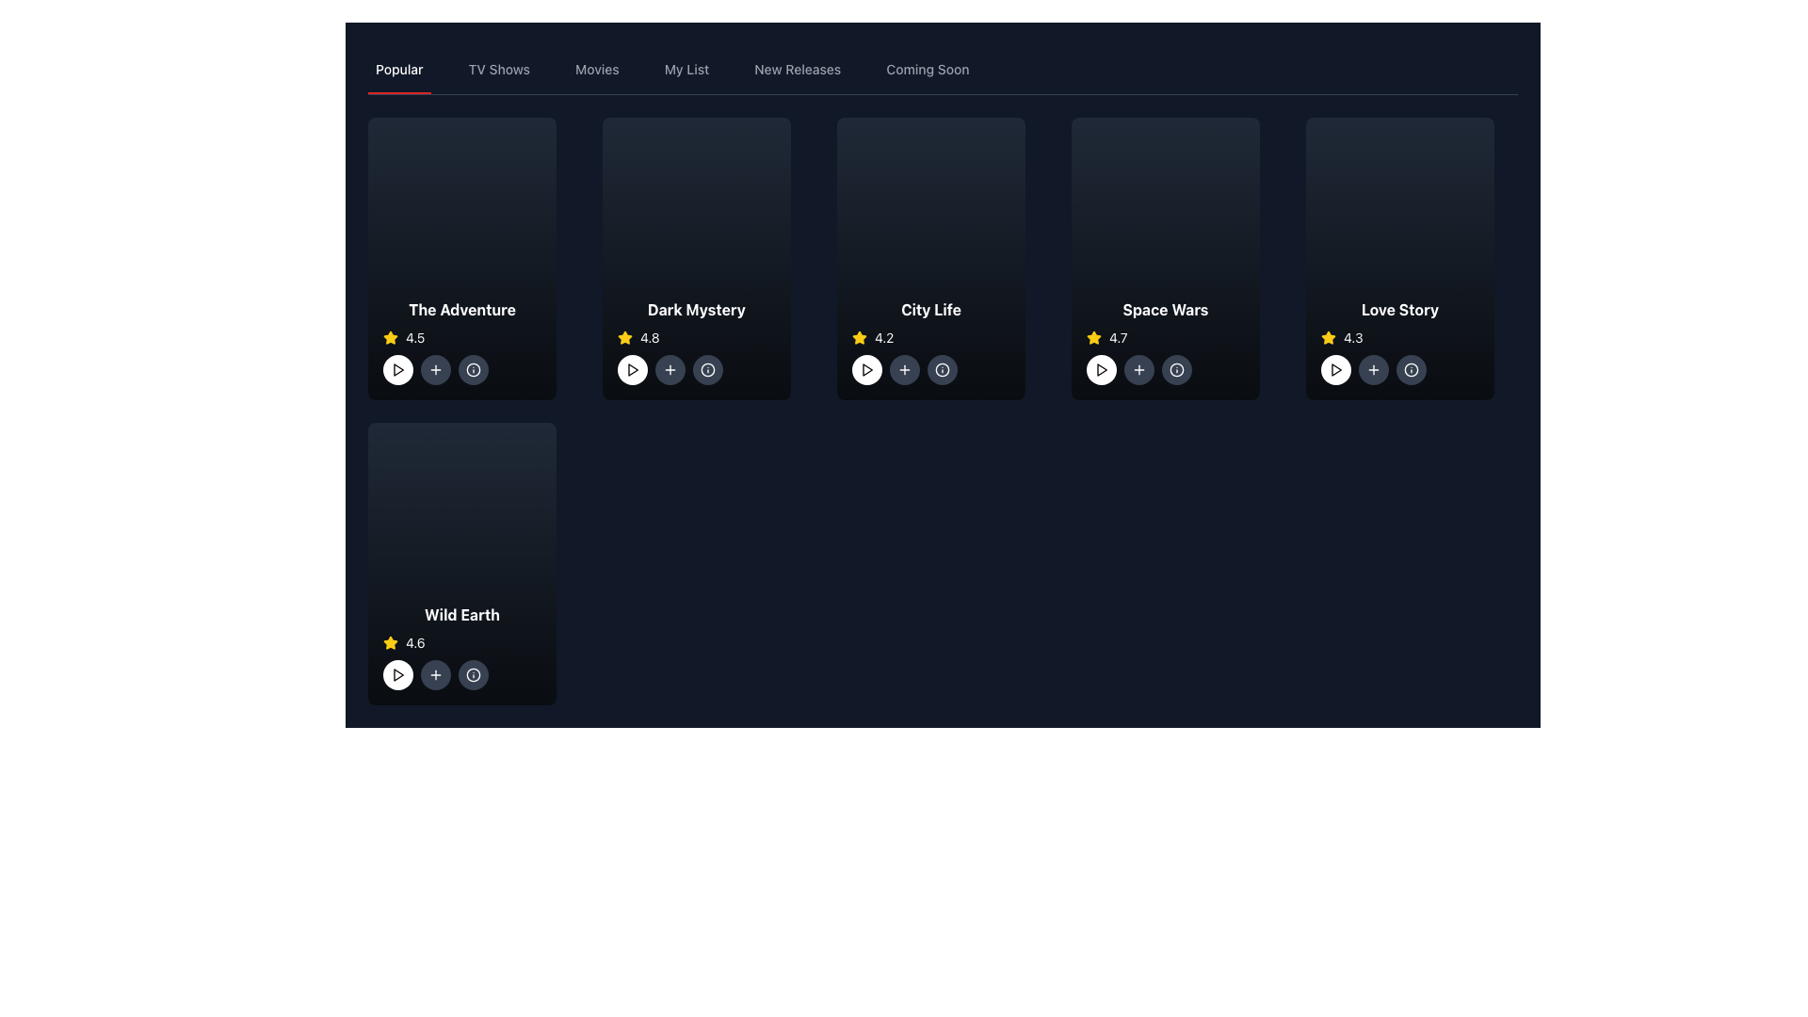  Describe the element at coordinates (1118, 336) in the screenshot. I see `the text display element showing the rating '4.7' styled in white, located next to a yellow star icon` at that location.